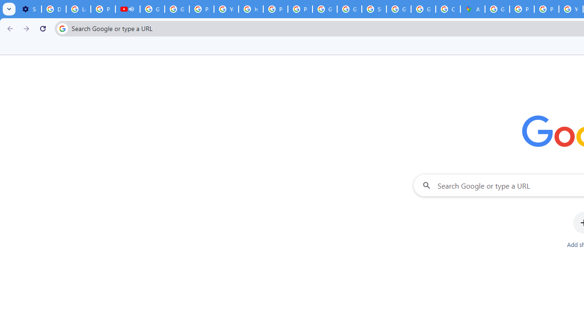 The height and width of the screenshot is (328, 584). I want to click on 'Settings - Performance', so click(29, 9).